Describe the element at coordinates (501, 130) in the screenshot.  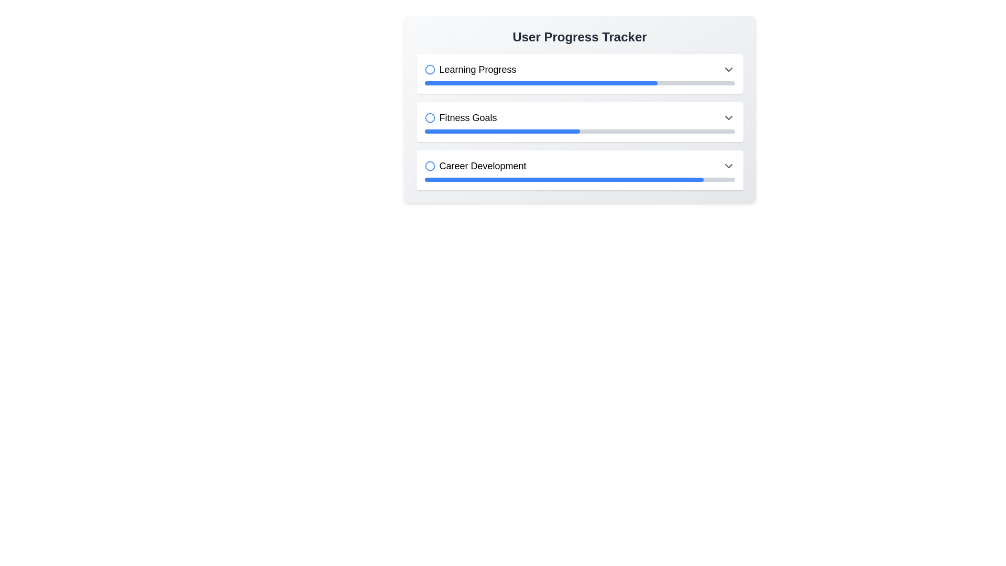
I see `the progress indicator that visually represents 50% completion for 'Fitness Goals' located within the second progress bar` at that location.